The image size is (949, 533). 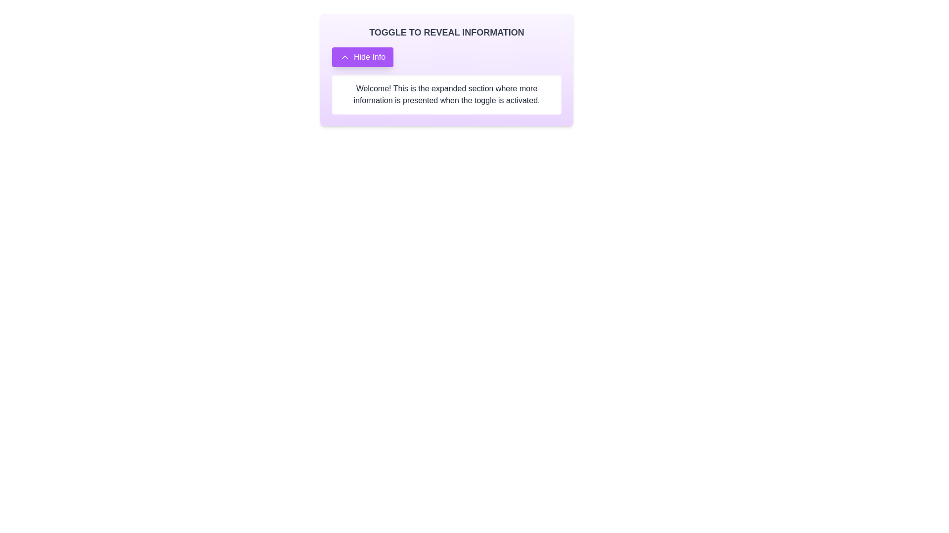 I want to click on the upward-pointing chevron icon located to the left of the 'Hide Info' button, so click(x=345, y=57).